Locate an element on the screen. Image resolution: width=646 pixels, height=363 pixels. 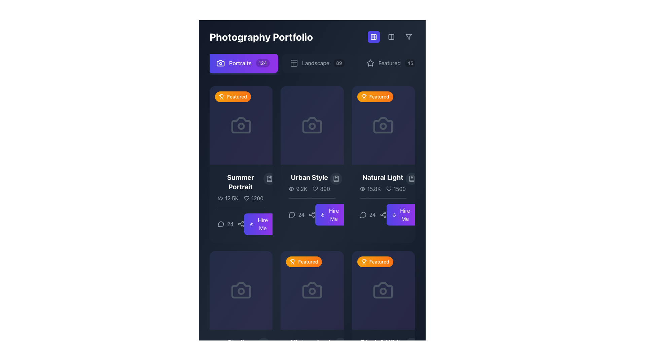
the text label element displaying the photograph's title and metrics is located at coordinates (241, 188).